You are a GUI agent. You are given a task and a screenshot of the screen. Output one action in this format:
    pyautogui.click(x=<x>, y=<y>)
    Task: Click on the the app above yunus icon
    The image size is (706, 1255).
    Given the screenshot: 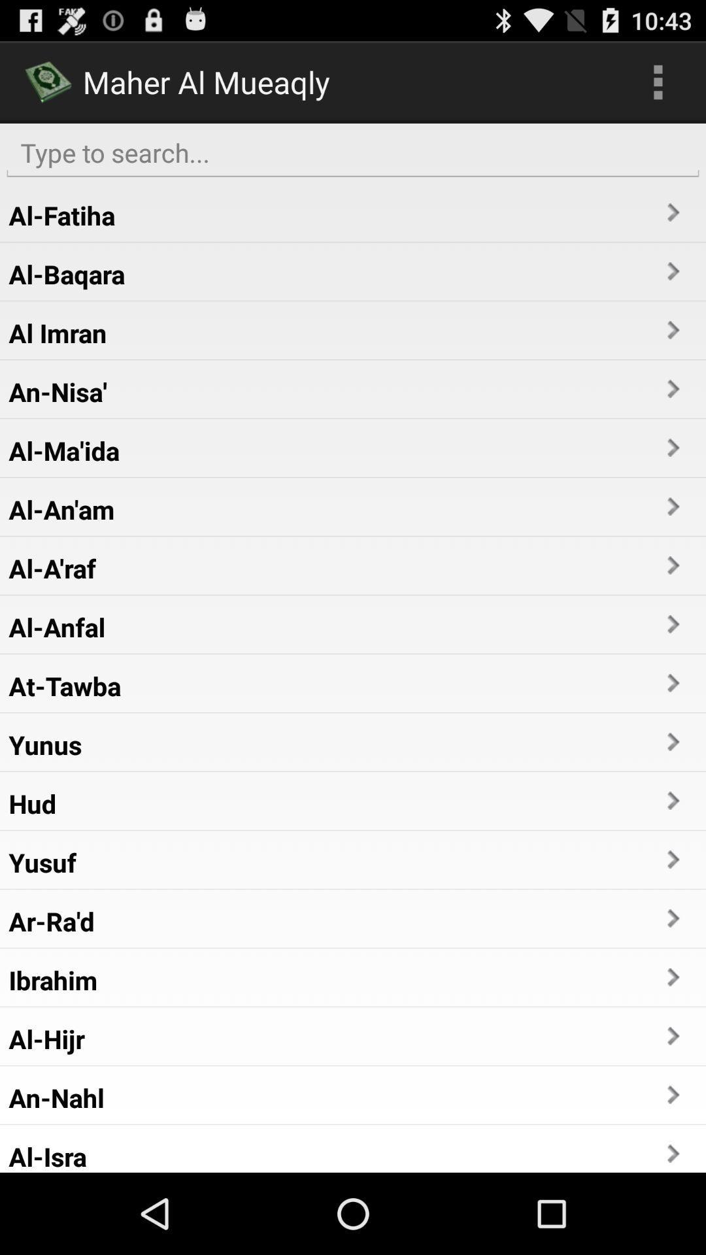 What is the action you would take?
    pyautogui.click(x=65, y=685)
    